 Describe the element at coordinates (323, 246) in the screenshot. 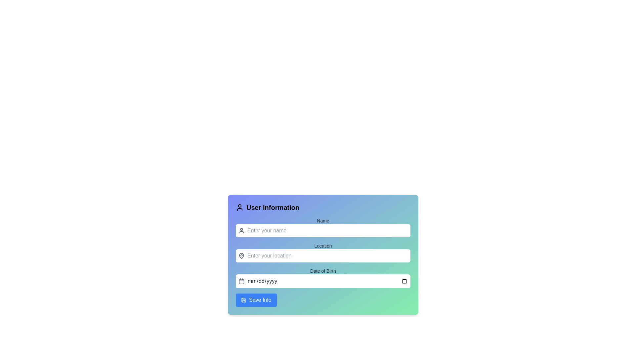

I see `the label element that guides the user to enter their location information, which is positioned directly above the location input field` at that location.